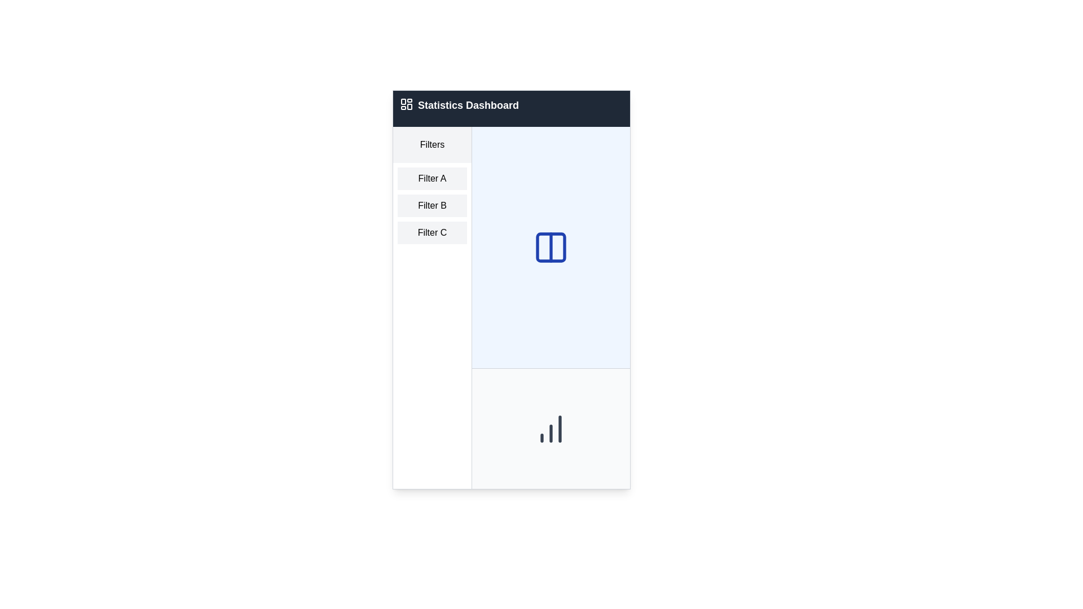  What do you see at coordinates (409, 107) in the screenshot?
I see `the visual state of the navigational icon located in the bottom-right quadrant of the 2x2 grid icon in the top-left corner of the header bar` at bounding box center [409, 107].